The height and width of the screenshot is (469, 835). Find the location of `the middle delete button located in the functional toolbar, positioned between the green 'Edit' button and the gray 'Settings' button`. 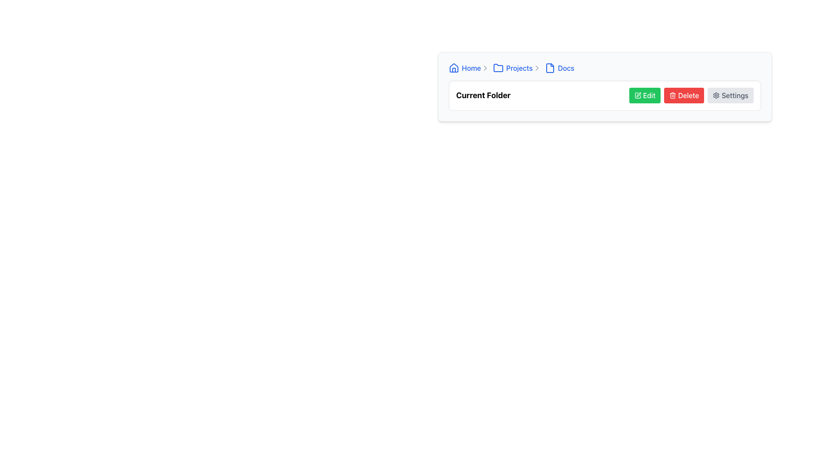

the middle delete button located in the functional toolbar, positioned between the green 'Edit' button and the gray 'Settings' button is located at coordinates (684, 95).